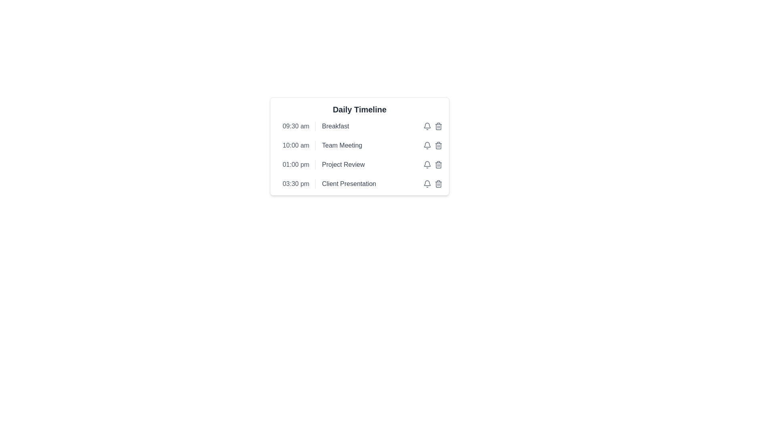  What do you see at coordinates (438, 164) in the screenshot?
I see `the delete button associated with the '1:00 pm Project Review' entry located in the fourth column of the fourth row in the table` at bounding box center [438, 164].